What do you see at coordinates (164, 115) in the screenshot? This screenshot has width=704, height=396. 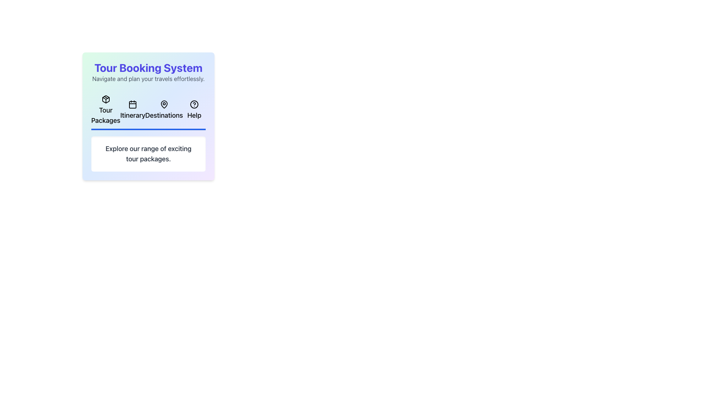 I see `the text label that reads 'Destinations', styled in black font, located in the navigation bar structure between 'Itinerary' and 'Help'` at bounding box center [164, 115].